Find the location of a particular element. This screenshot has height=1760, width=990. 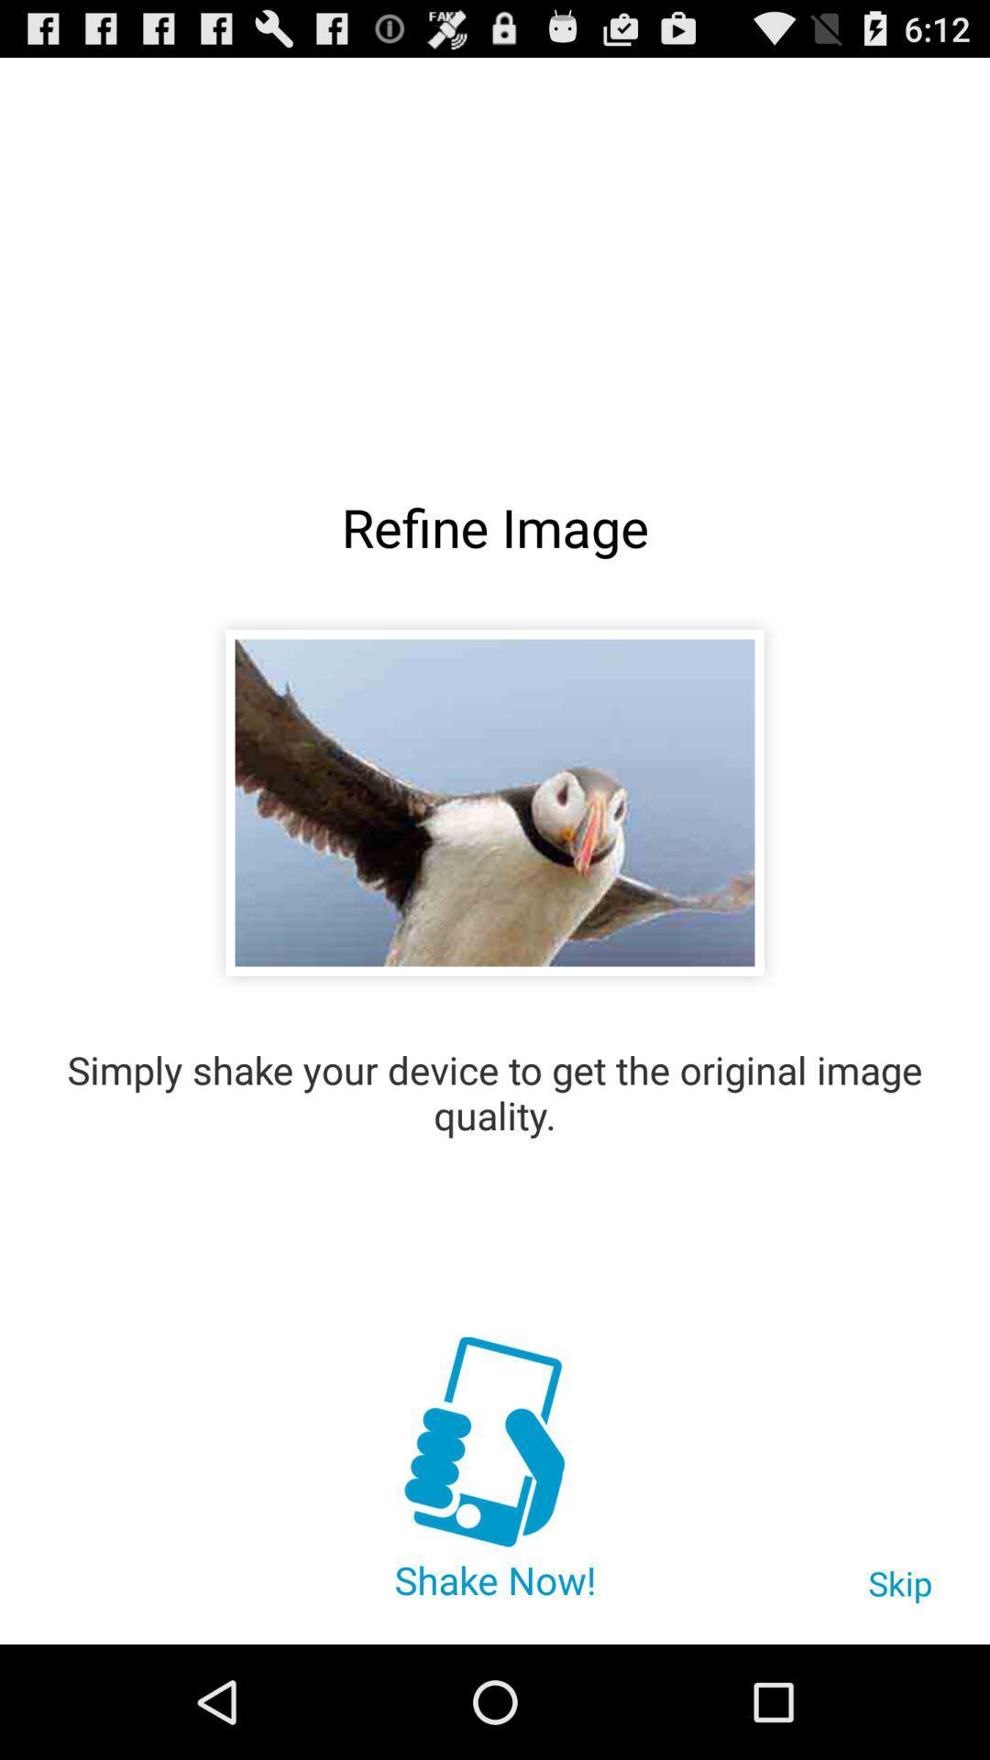

icon next to skip icon is located at coordinates (493, 1444).